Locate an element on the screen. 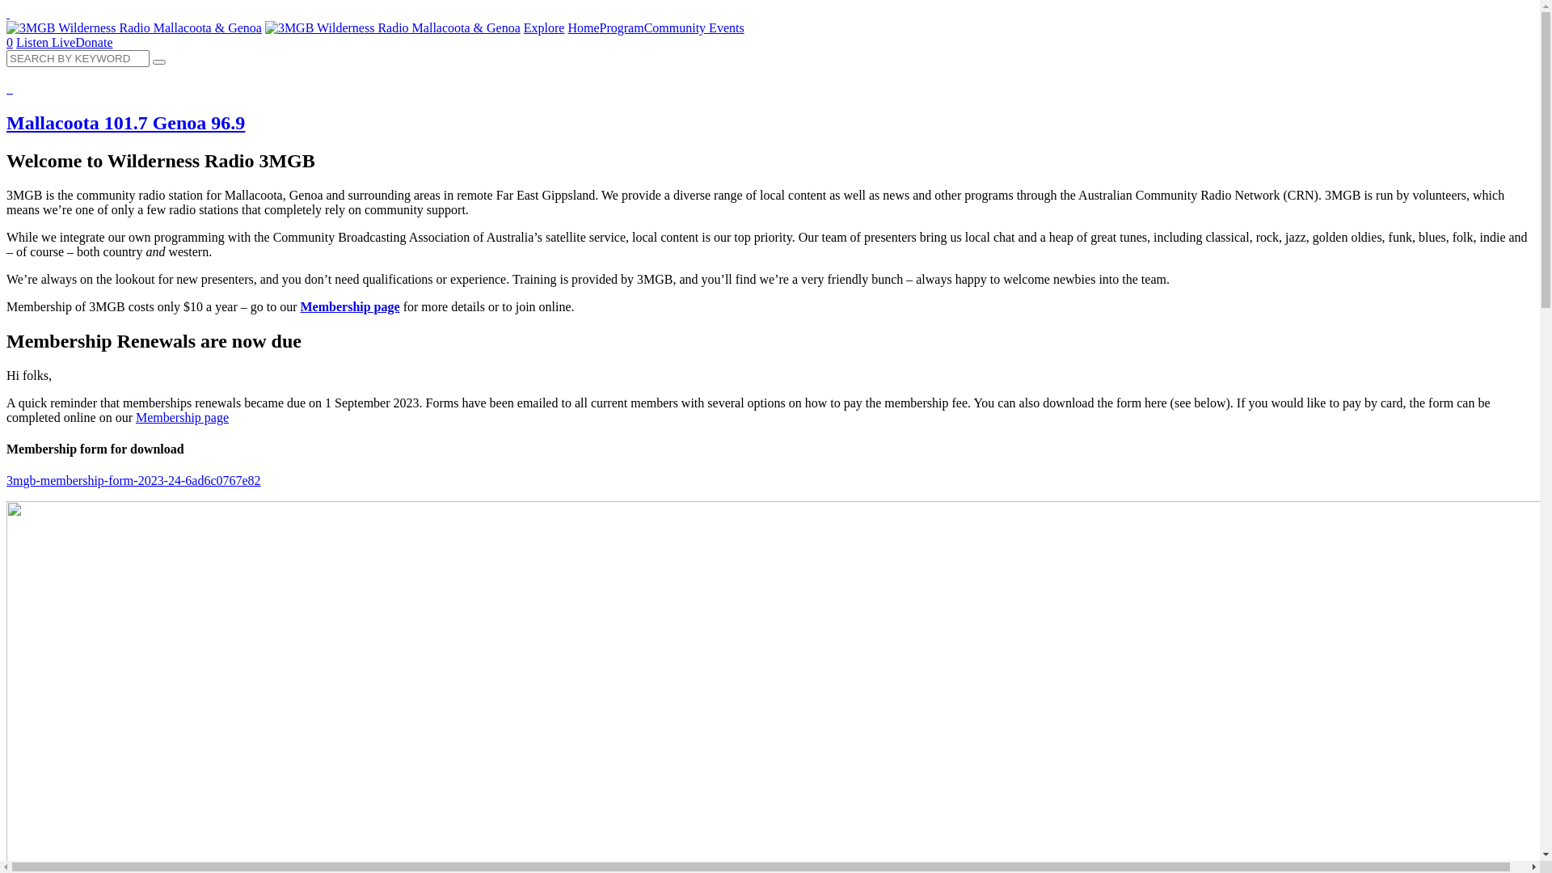 This screenshot has height=873, width=1552. '0' is located at coordinates (10, 41).